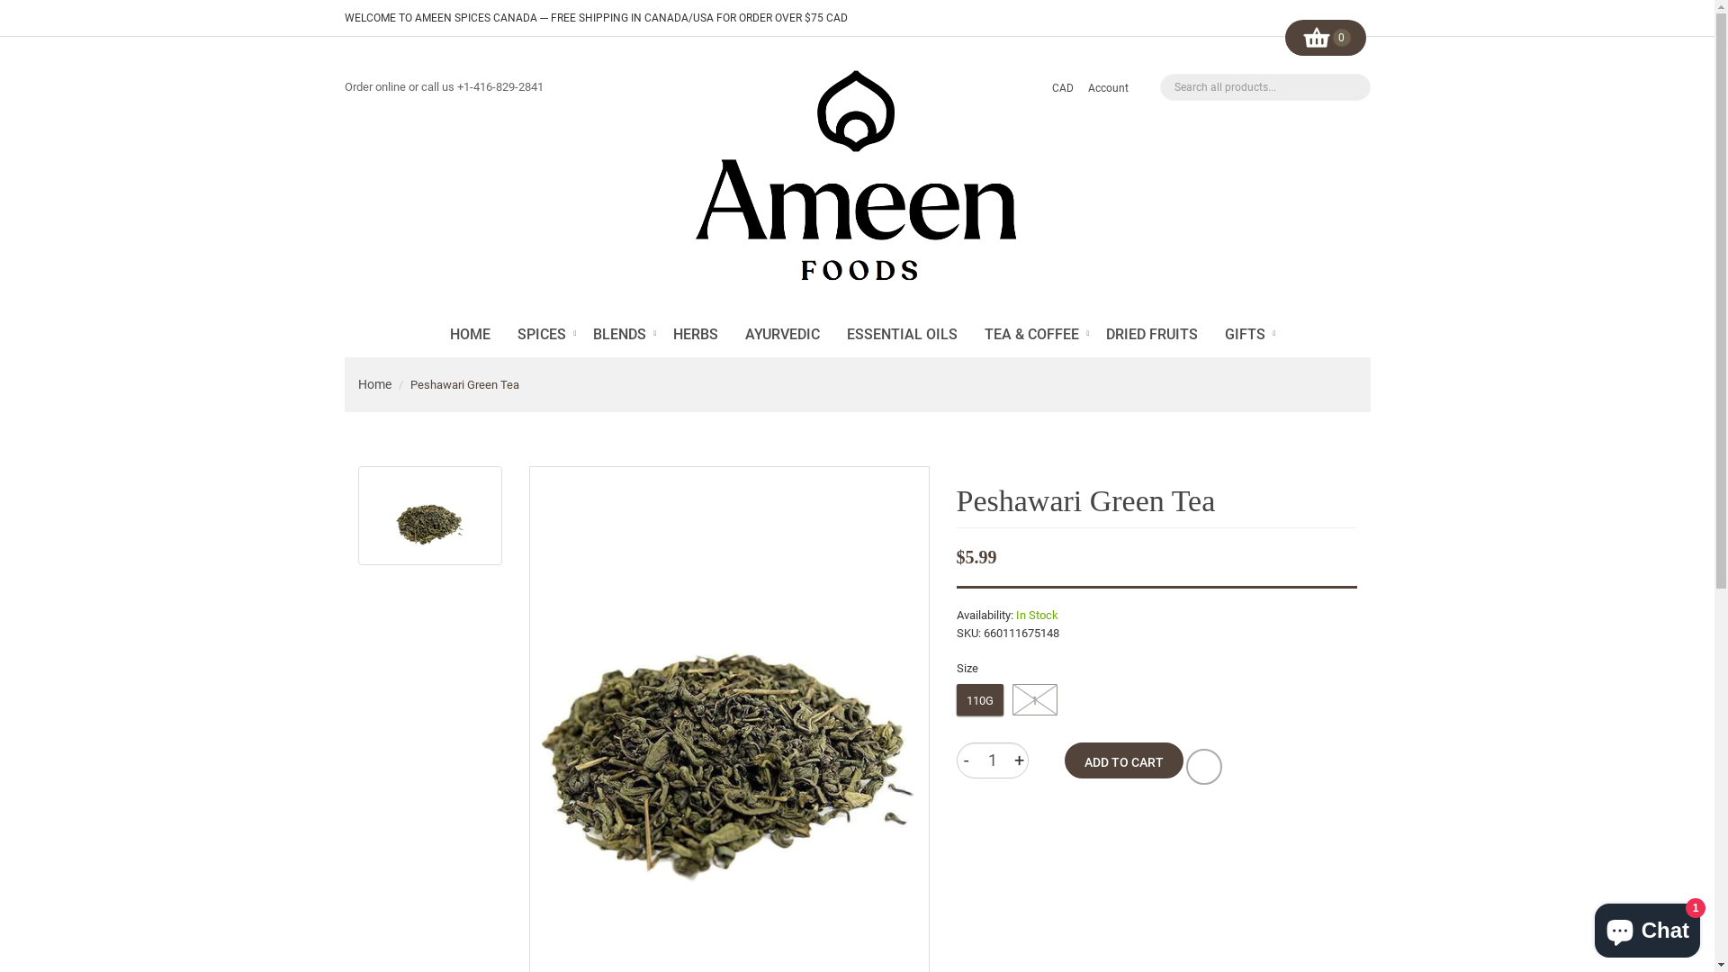 This screenshot has width=1728, height=972. What do you see at coordinates (1152, 334) in the screenshot?
I see `'DRIED FRUITS'` at bounding box center [1152, 334].